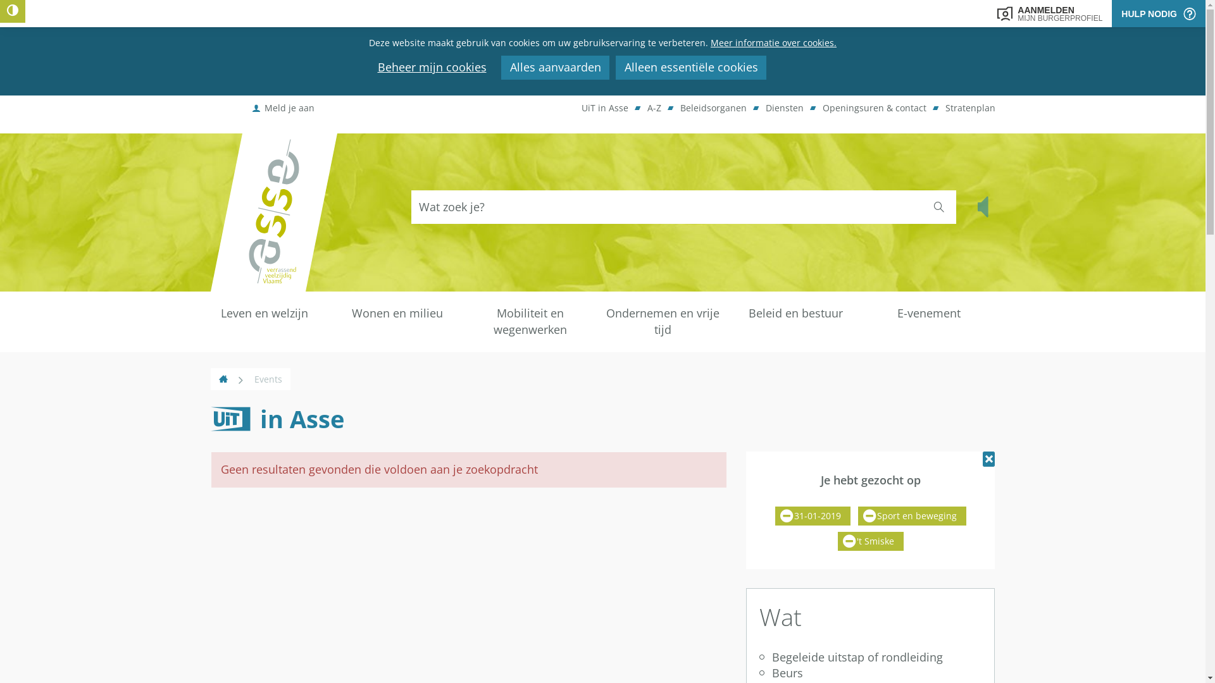  What do you see at coordinates (396, 313) in the screenshot?
I see `'Wonen en milieu'` at bounding box center [396, 313].